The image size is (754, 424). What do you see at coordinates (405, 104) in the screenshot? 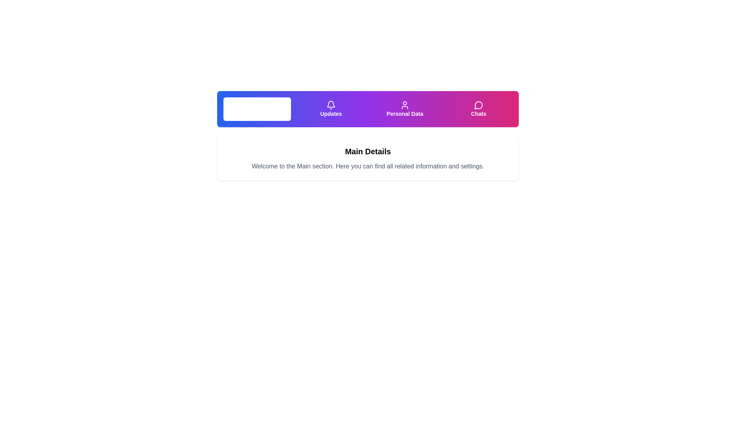
I see `the user icon representing a profile or account, which is depicted as a white stylized outline on a purple background, located in the 'Personal Data' section of the navigation bar` at bounding box center [405, 104].